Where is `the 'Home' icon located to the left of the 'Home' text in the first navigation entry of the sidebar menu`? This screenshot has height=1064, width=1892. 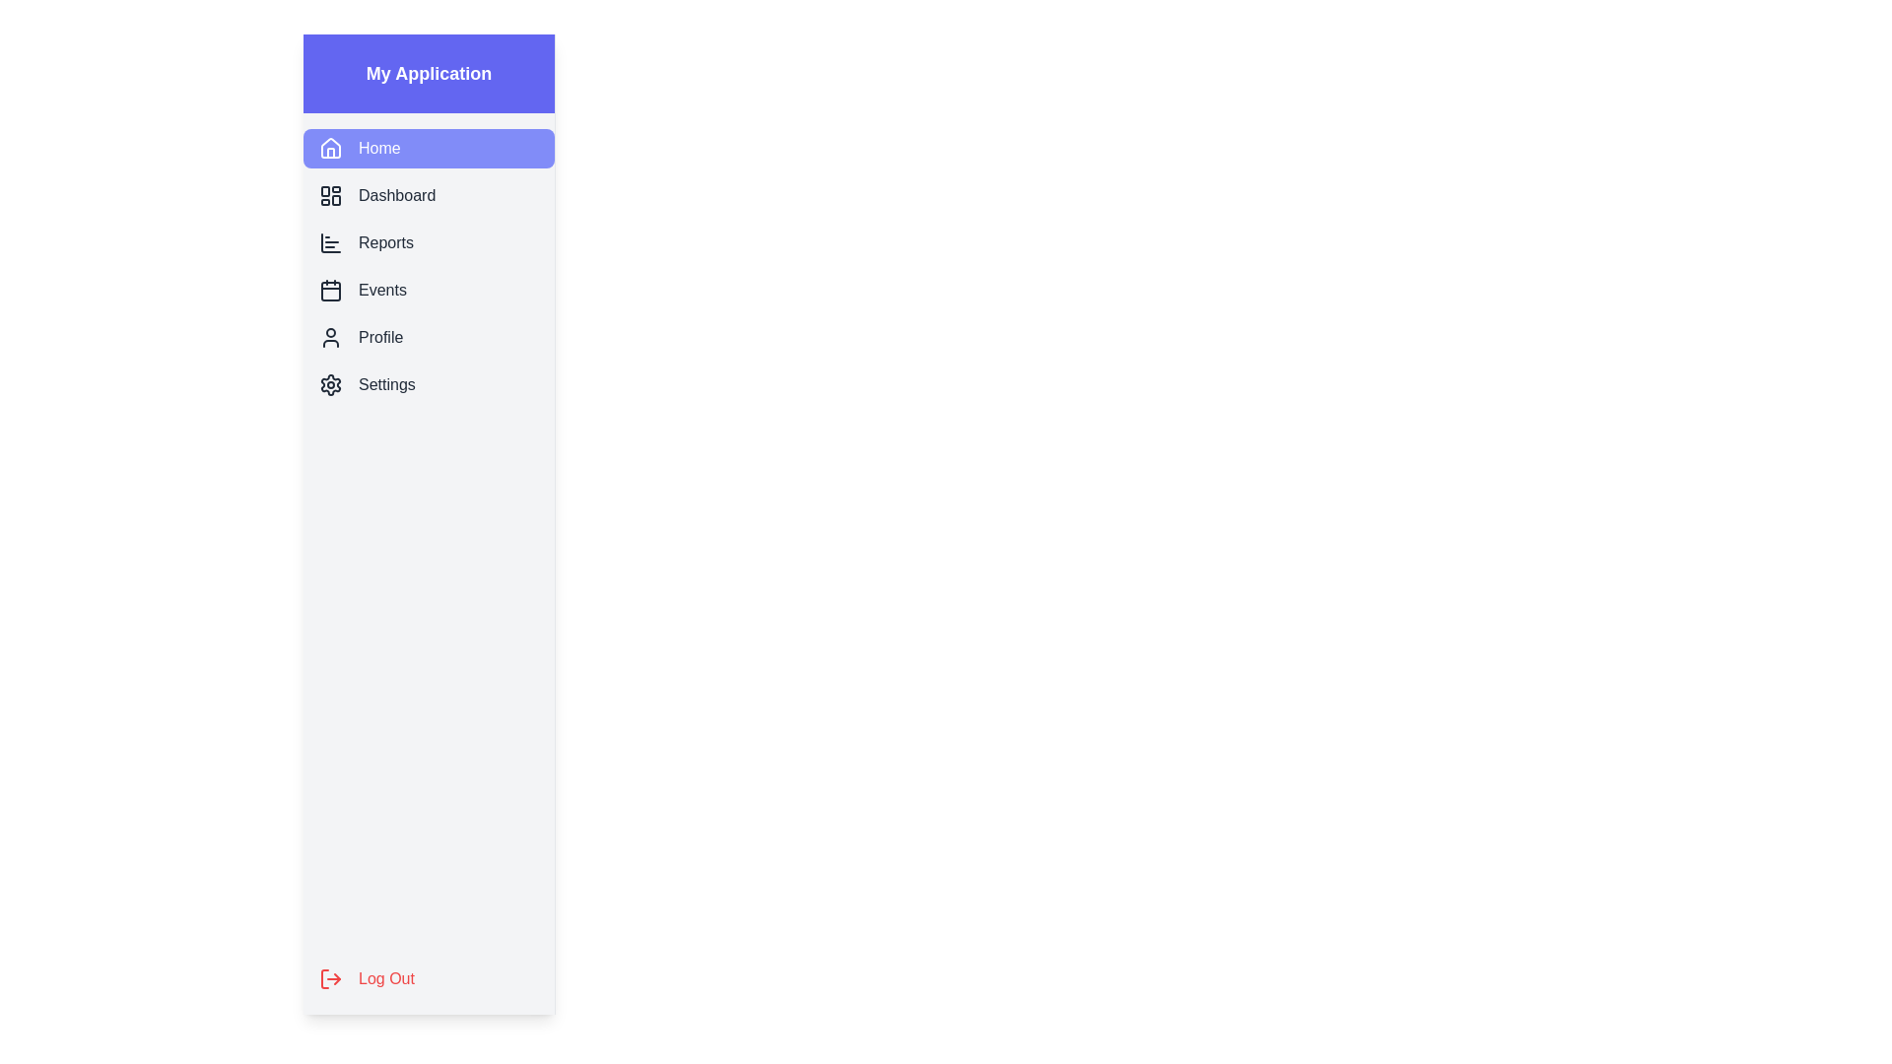 the 'Home' icon located to the left of the 'Home' text in the first navigation entry of the sidebar menu is located at coordinates (331, 147).